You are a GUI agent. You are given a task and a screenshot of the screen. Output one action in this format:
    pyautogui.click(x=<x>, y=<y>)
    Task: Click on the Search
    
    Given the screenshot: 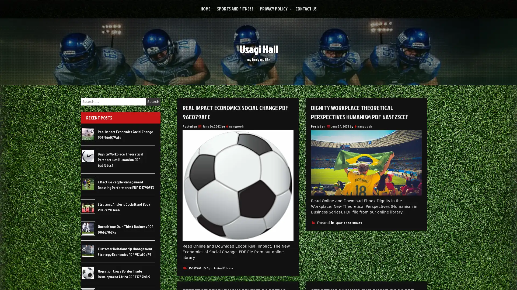 What is the action you would take?
    pyautogui.click(x=153, y=102)
    